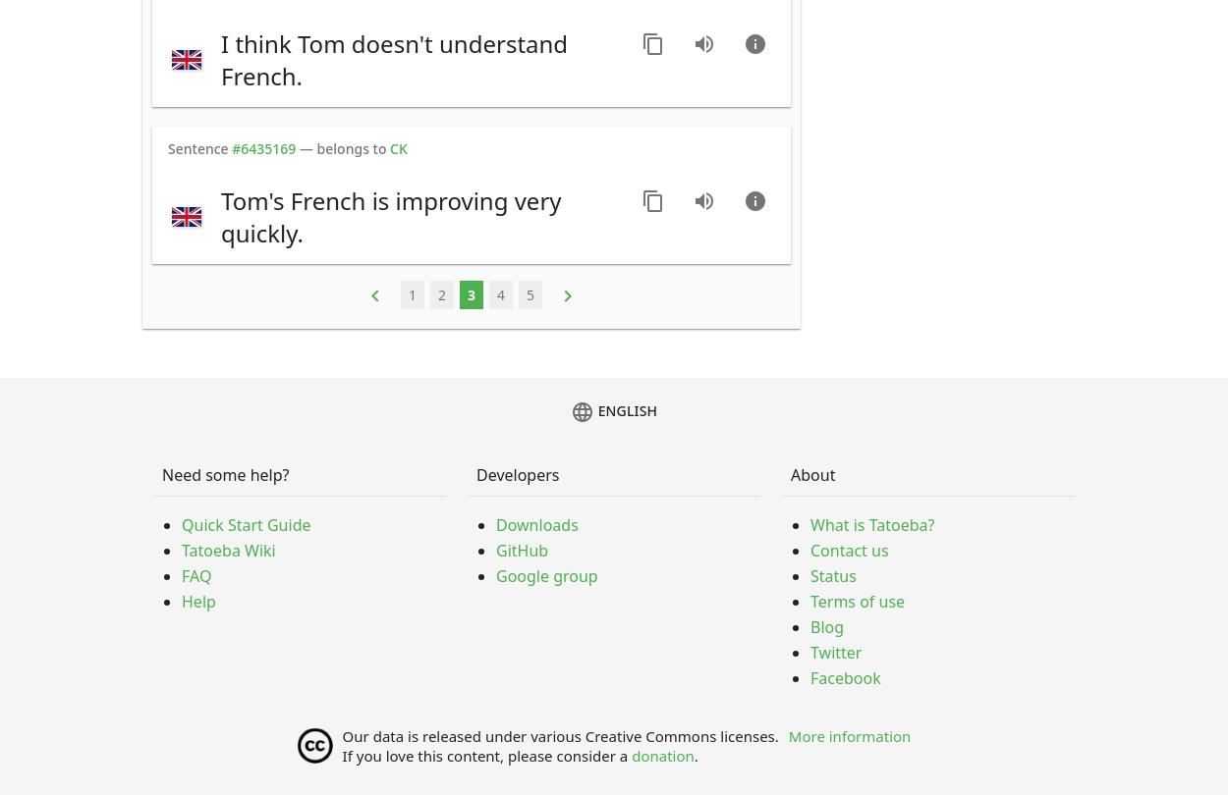 This screenshot has height=795, width=1228. Describe the element at coordinates (496, 576) in the screenshot. I see `'Google group'` at that location.